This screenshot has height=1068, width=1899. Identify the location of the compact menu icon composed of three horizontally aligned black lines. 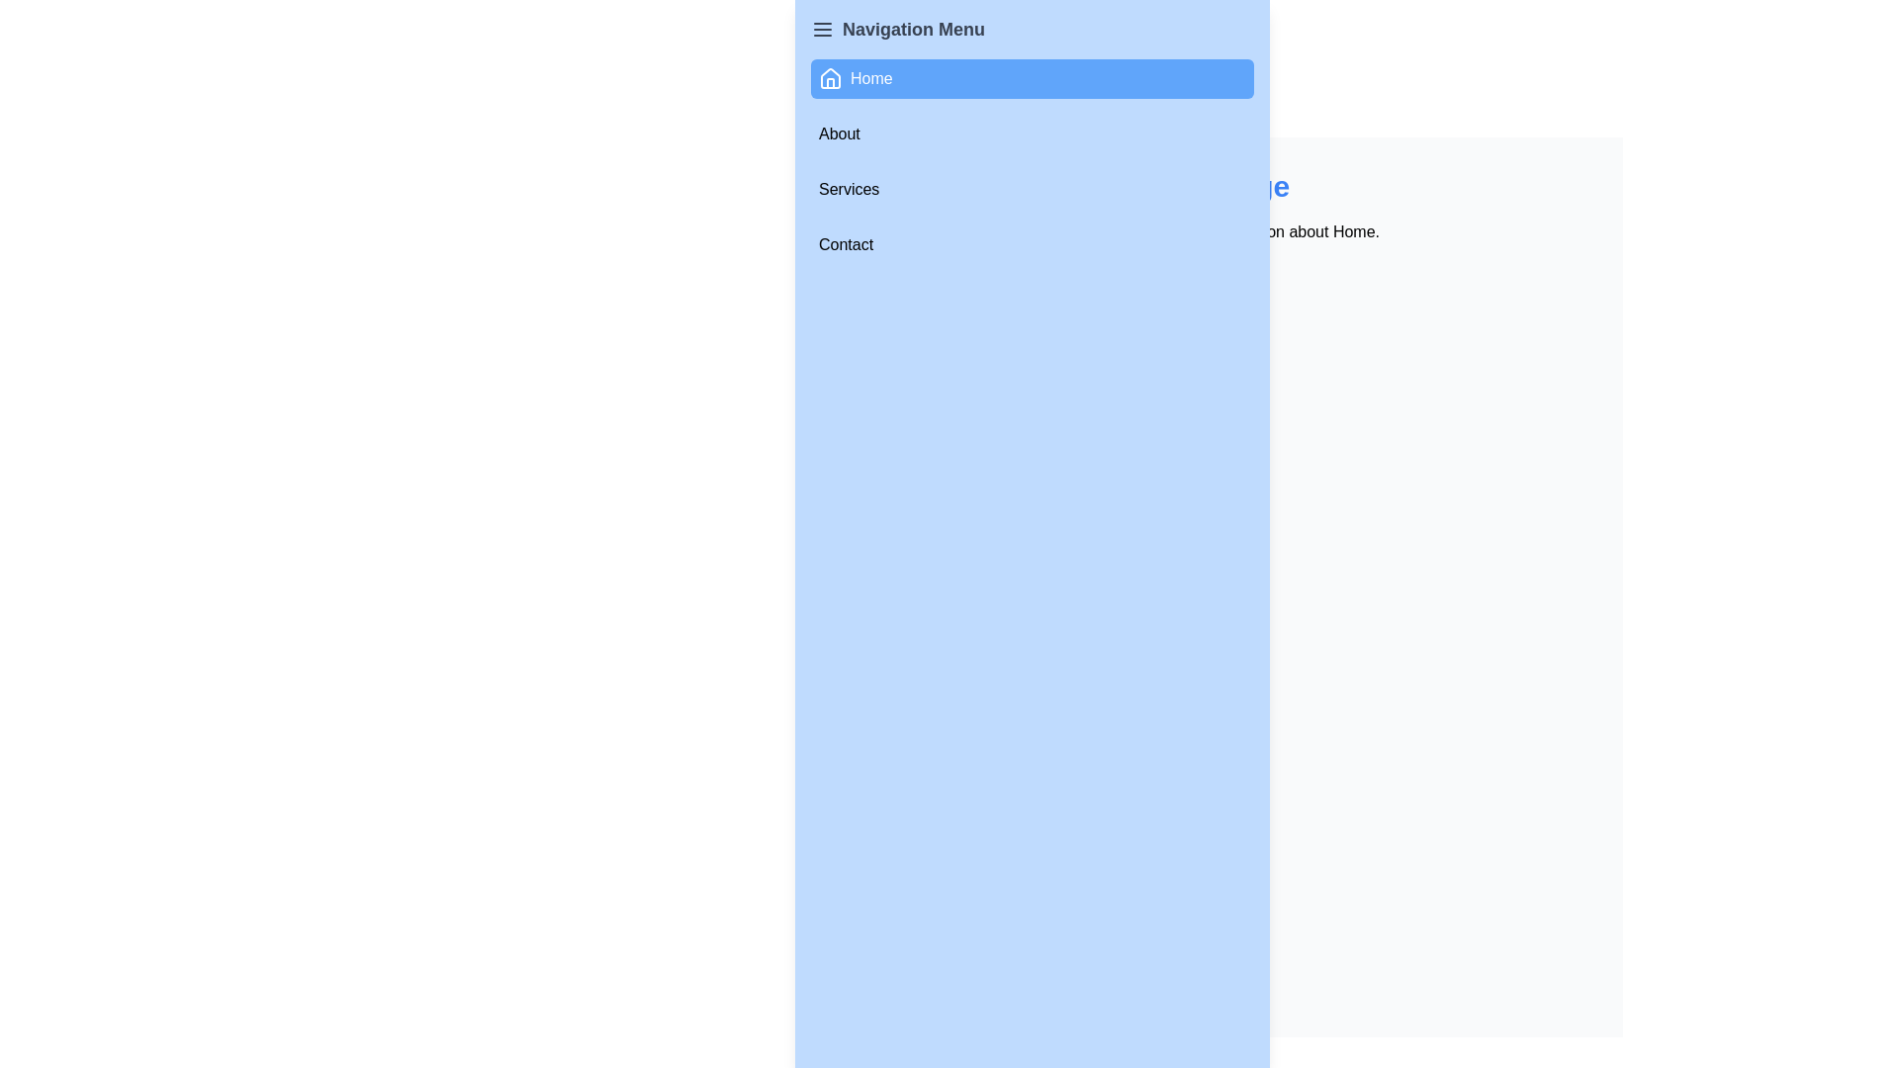
(822, 30).